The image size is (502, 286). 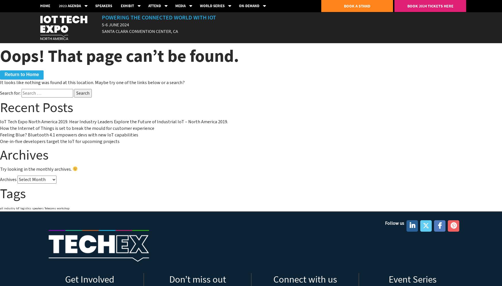 I want to click on 'Tags', so click(x=12, y=193).